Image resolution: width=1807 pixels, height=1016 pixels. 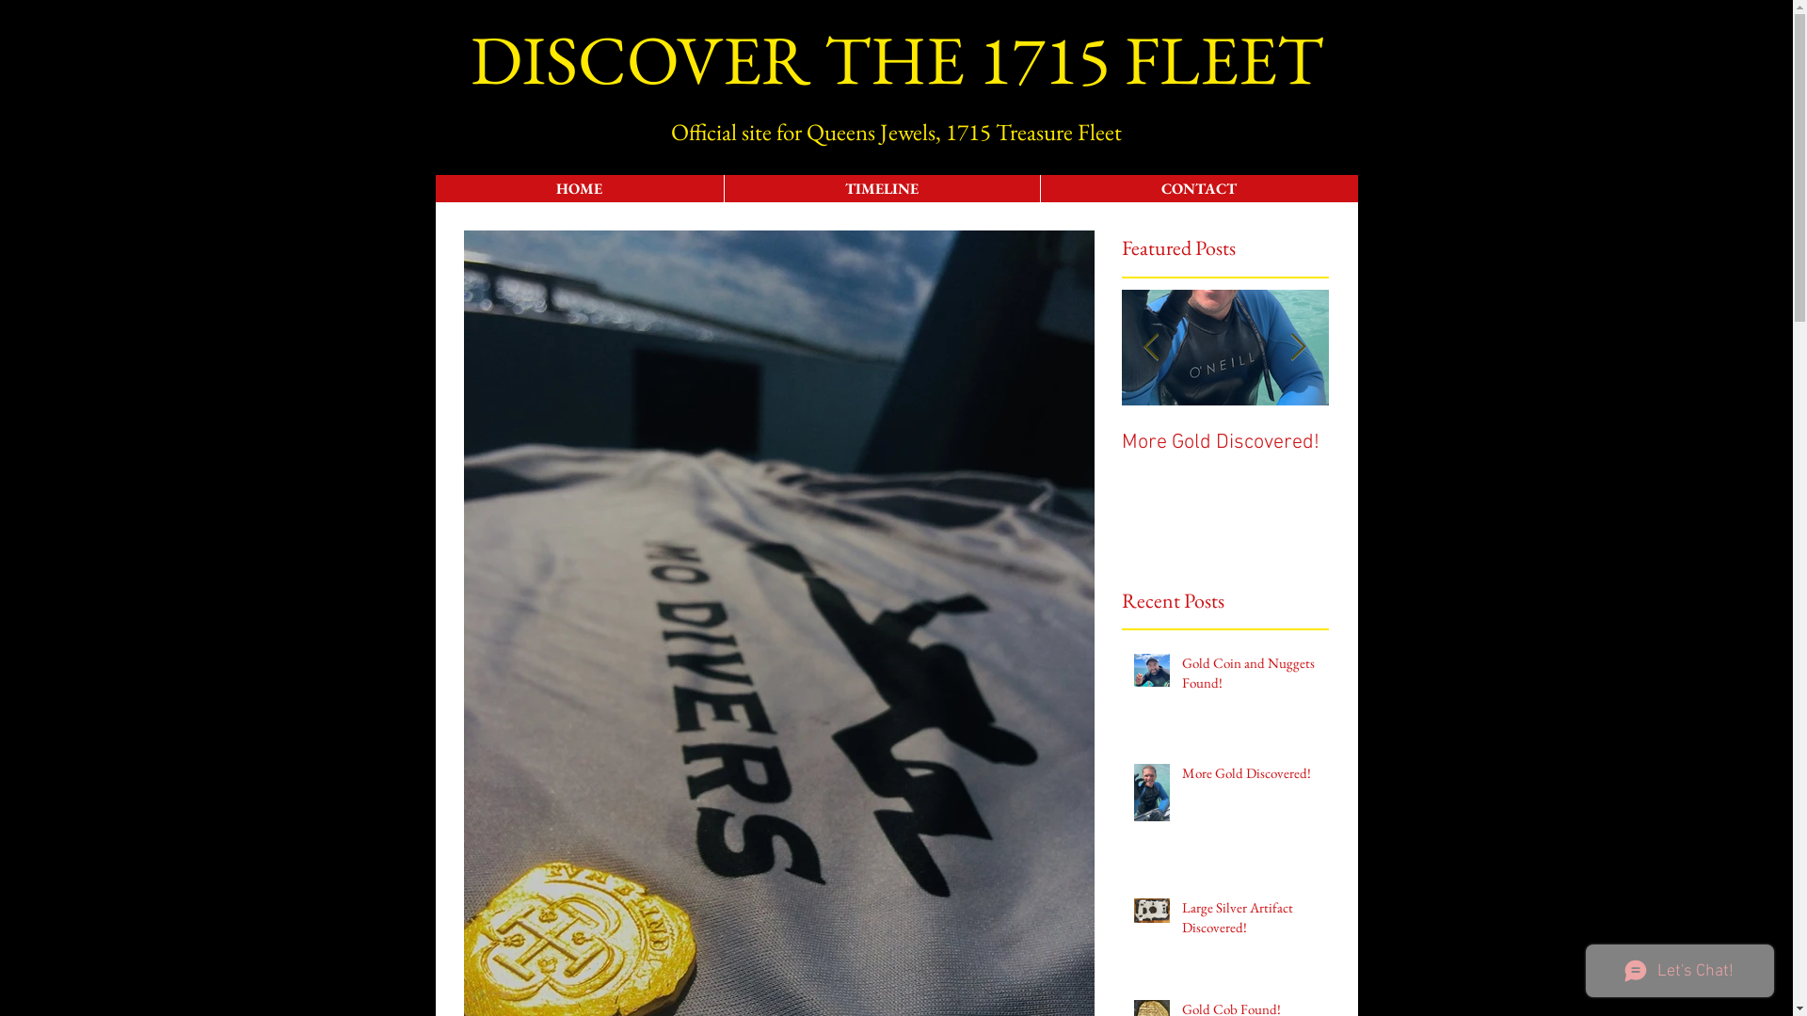 I want to click on 'HOME', so click(x=577, y=188).